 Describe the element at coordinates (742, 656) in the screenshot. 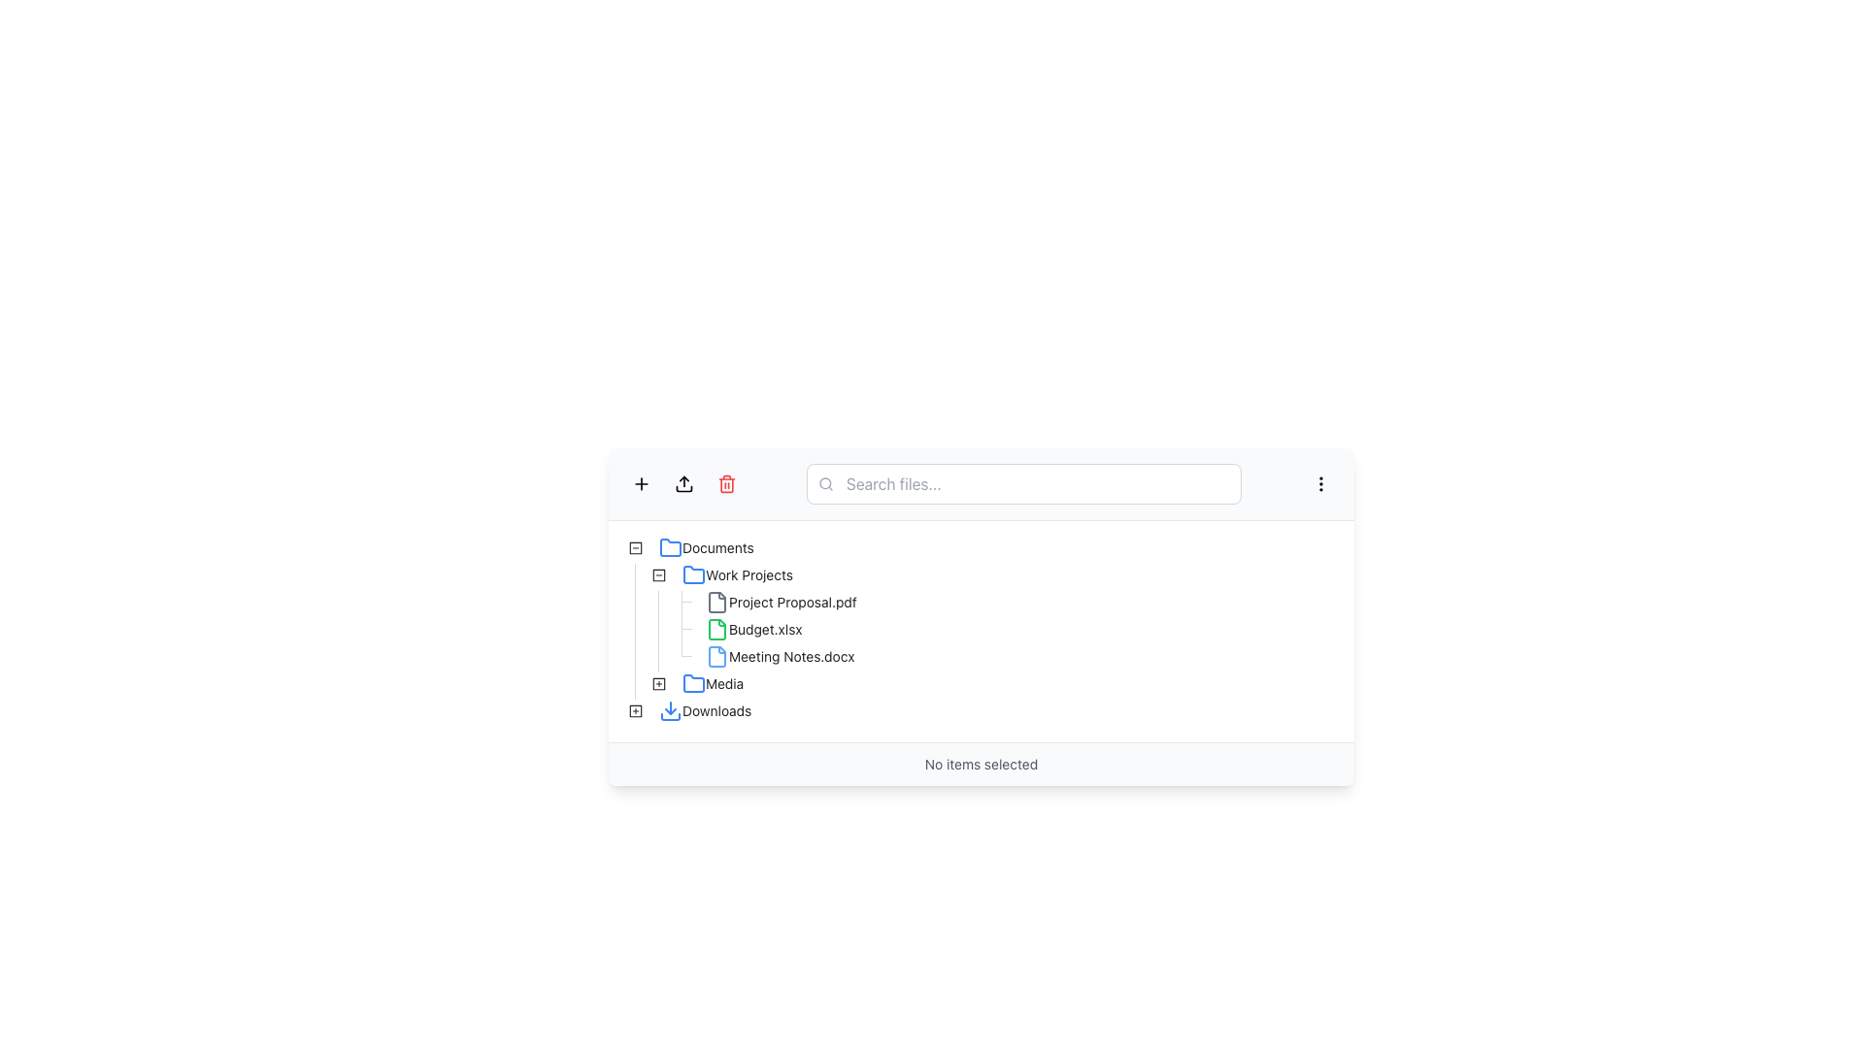

I see `the file item 'Meeting Notes.docx' in the hierarchical tree view` at that location.